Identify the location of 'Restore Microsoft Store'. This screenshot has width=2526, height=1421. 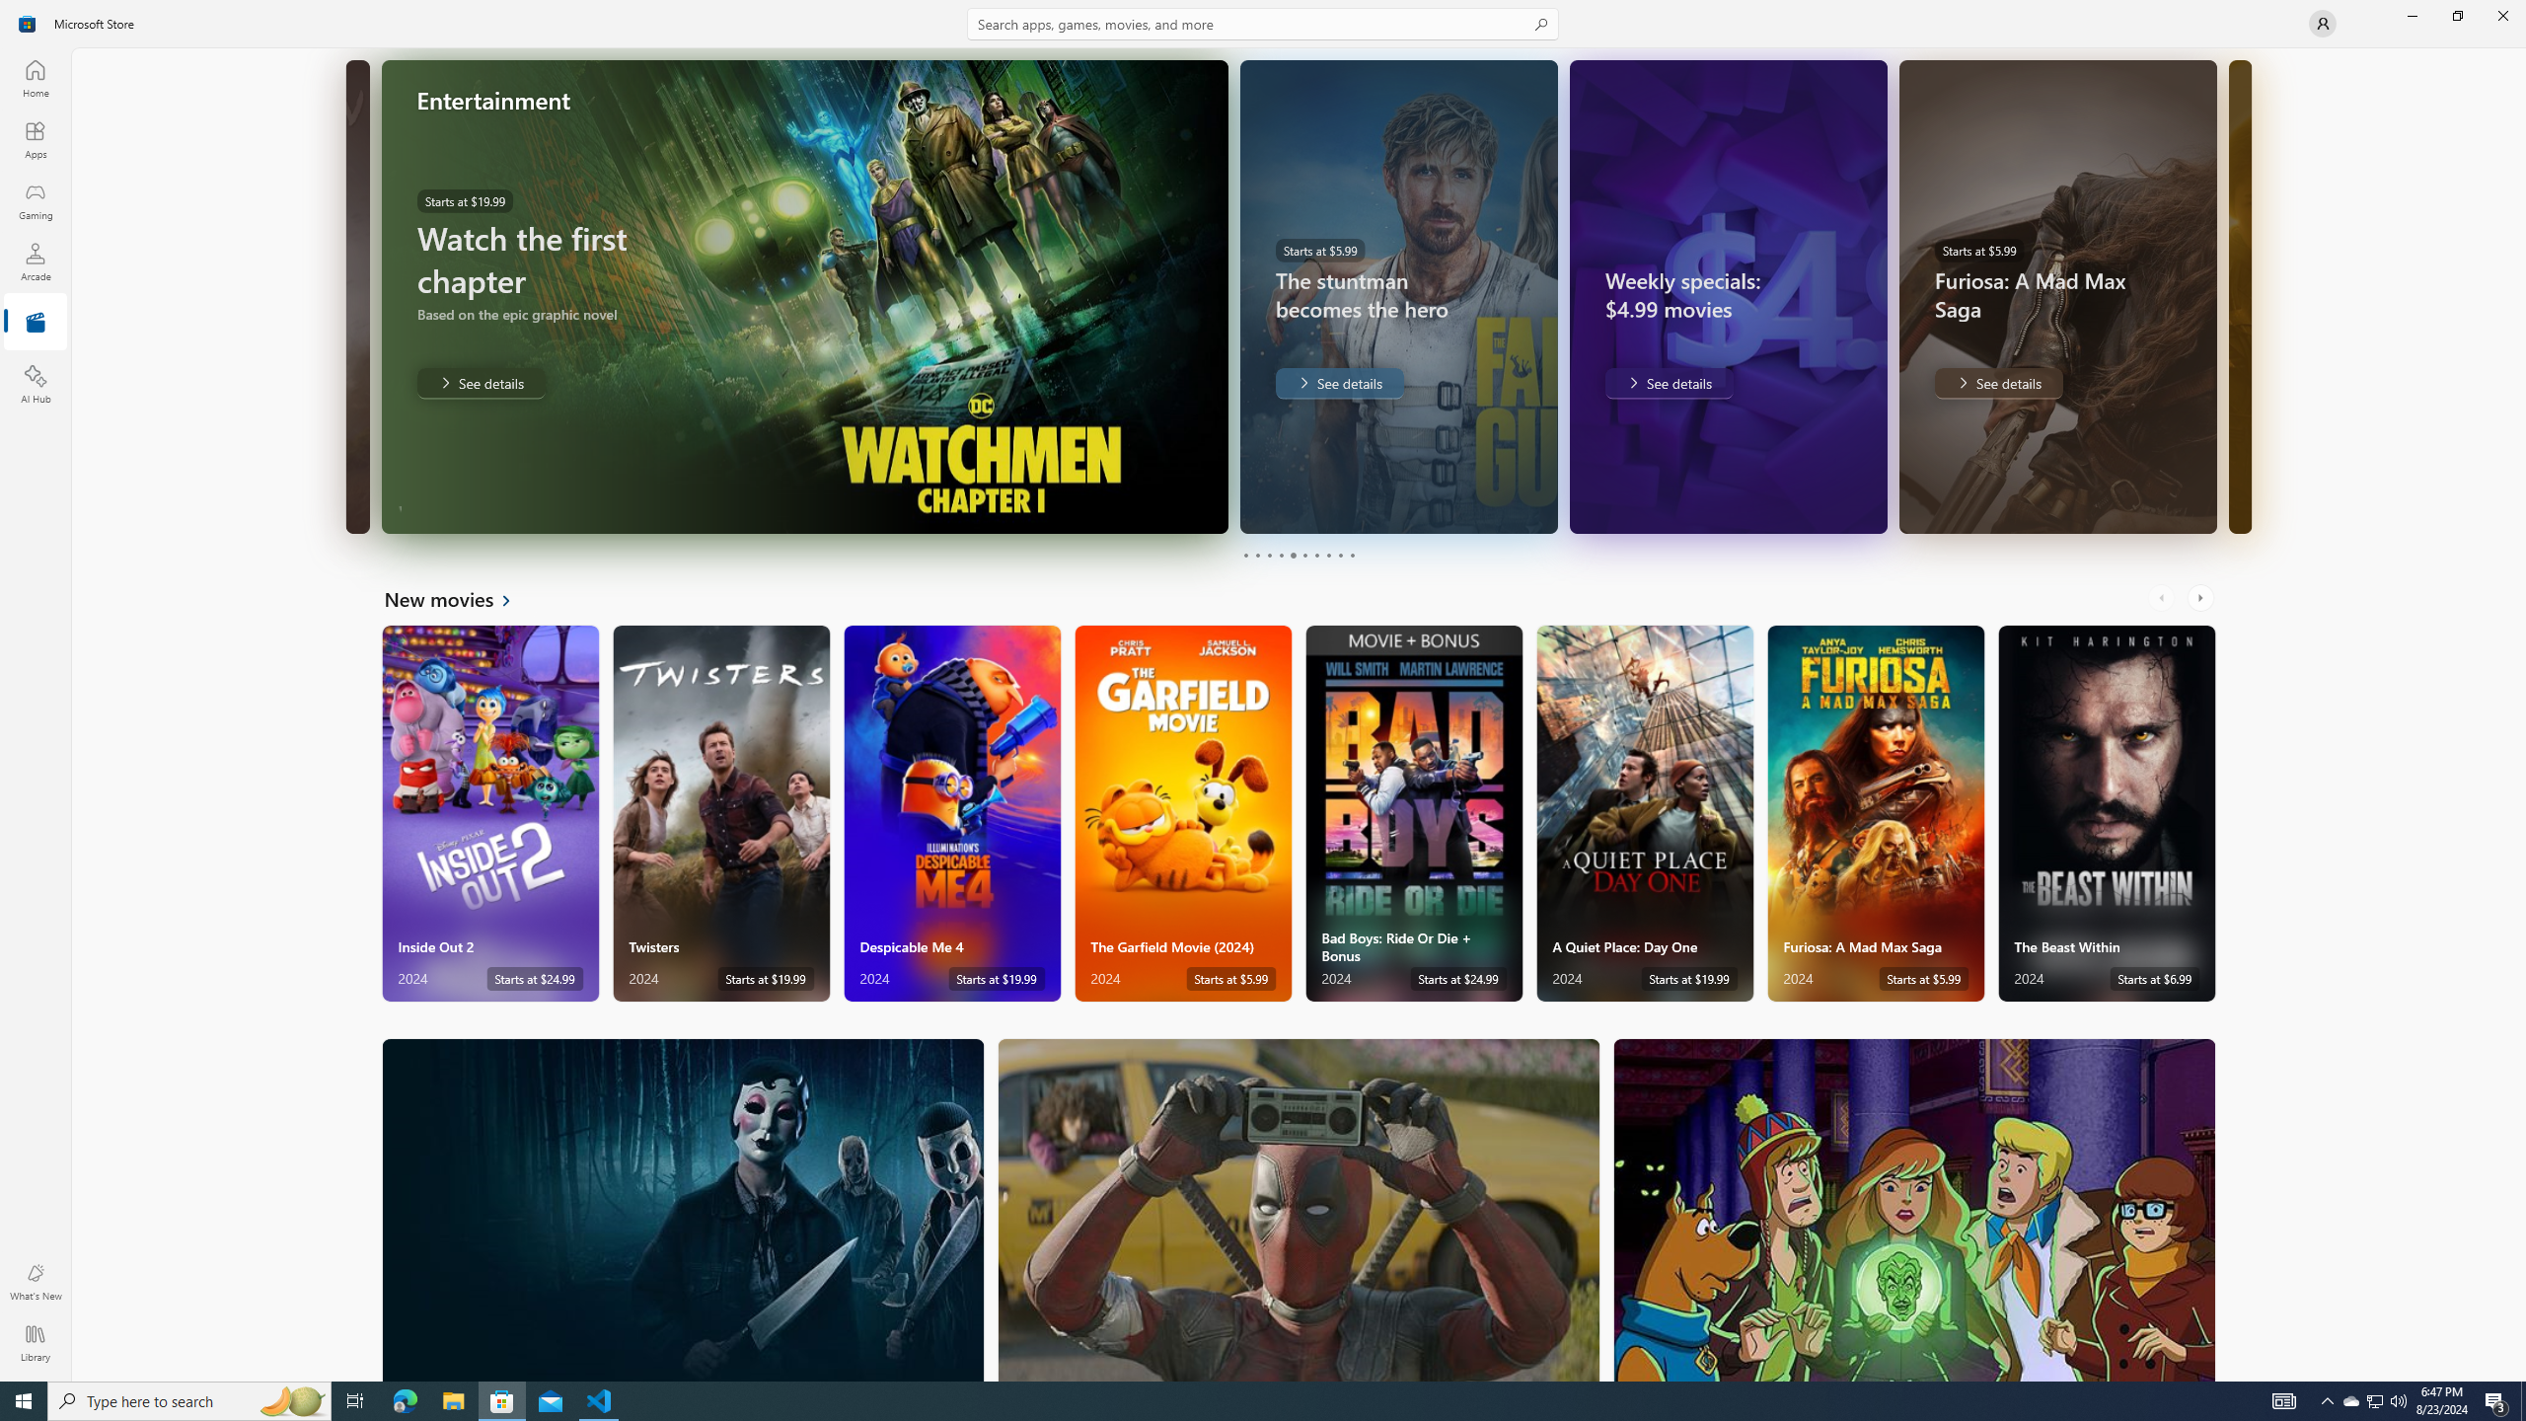
(2457, 15).